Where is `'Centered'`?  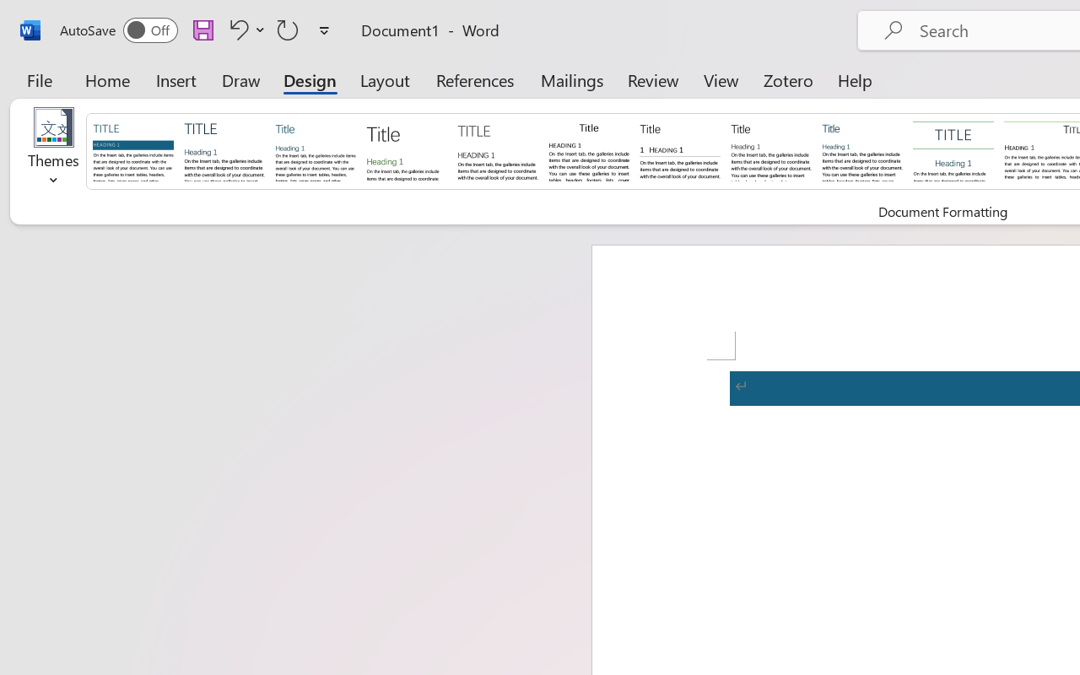 'Centered' is located at coordinates (953, 149).